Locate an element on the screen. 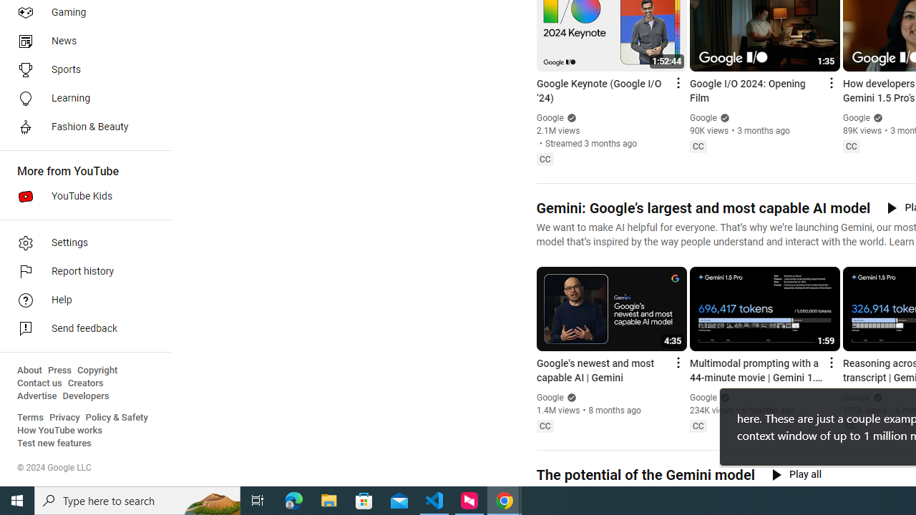 This screenshot has width=916, height=515. 'Test new features' is located at coordinates (54, 443).